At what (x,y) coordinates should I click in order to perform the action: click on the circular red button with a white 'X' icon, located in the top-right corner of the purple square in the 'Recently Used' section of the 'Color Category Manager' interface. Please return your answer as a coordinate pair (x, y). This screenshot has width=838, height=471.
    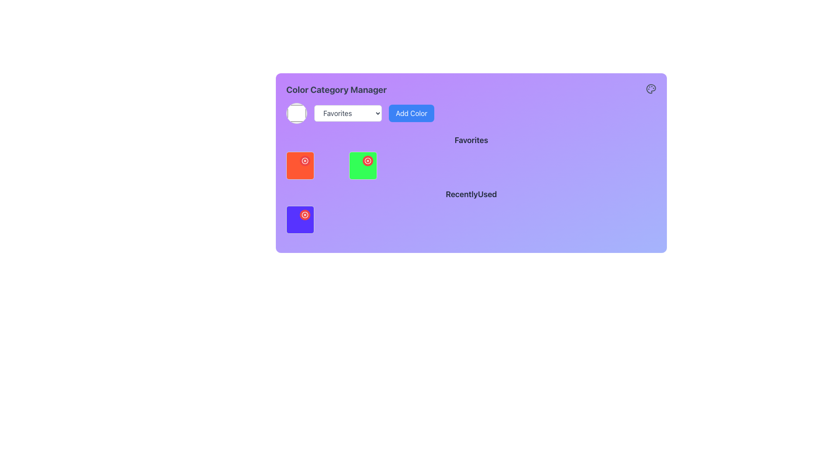
    Looking at the image, I should click on (305, 215).